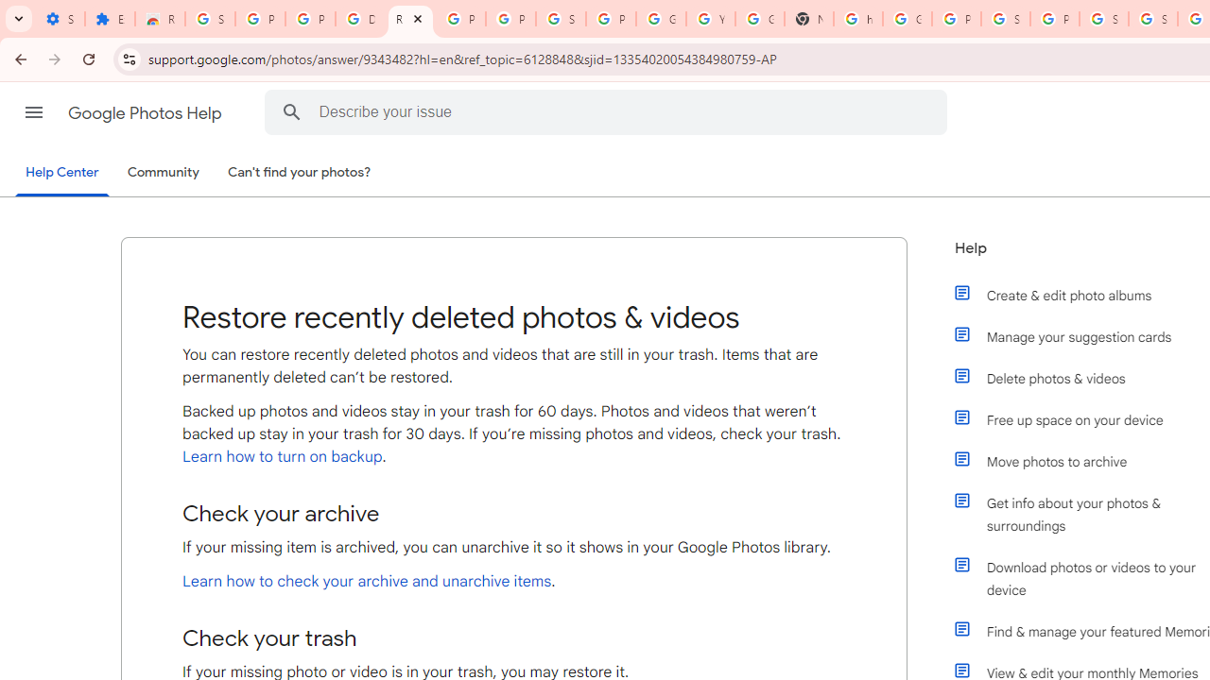  I want to click on 'Back', so click(18, 58).